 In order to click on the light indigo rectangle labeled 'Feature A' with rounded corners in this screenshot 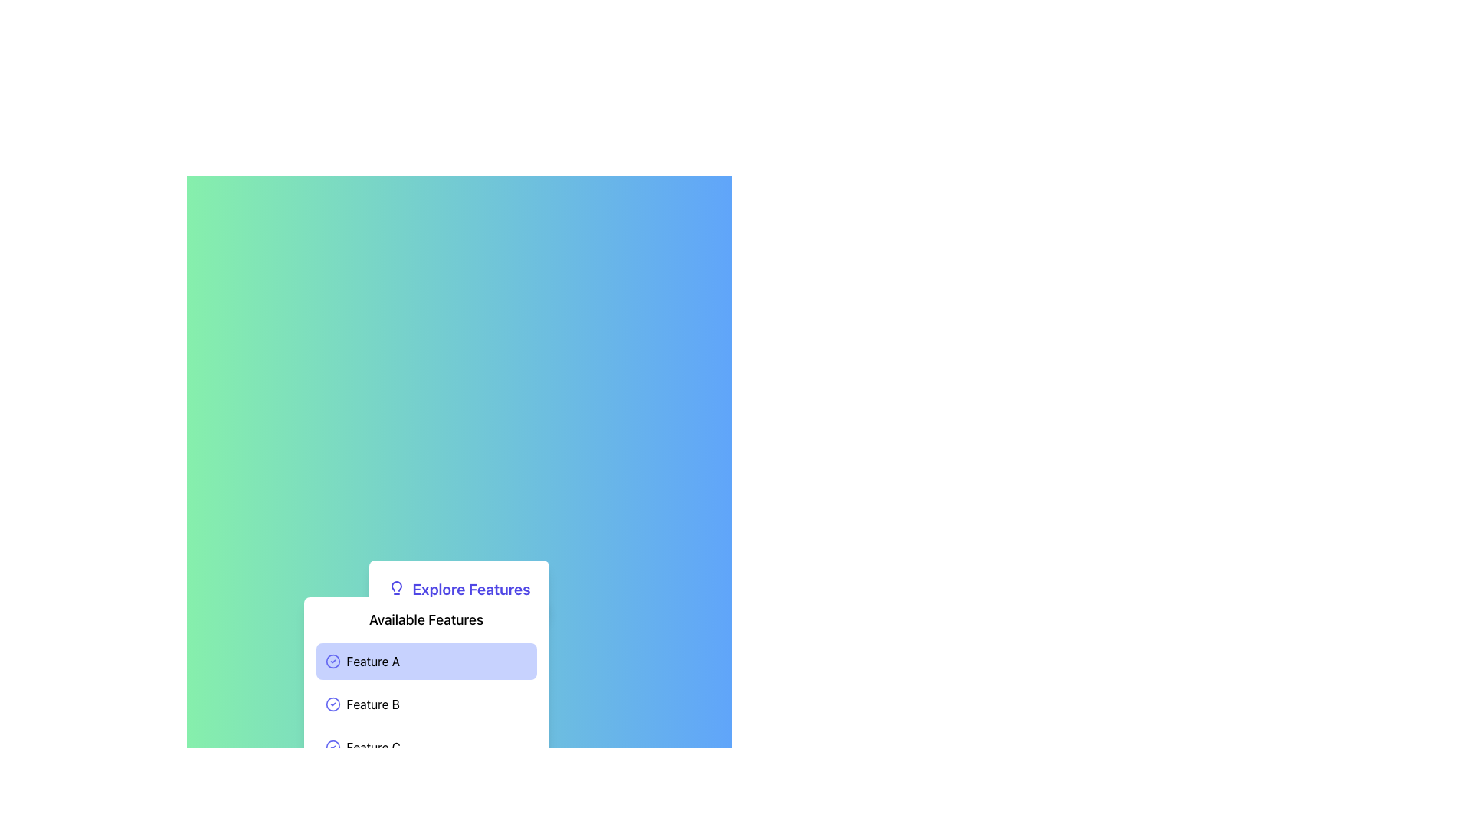, I will do `click(426, 661)`.